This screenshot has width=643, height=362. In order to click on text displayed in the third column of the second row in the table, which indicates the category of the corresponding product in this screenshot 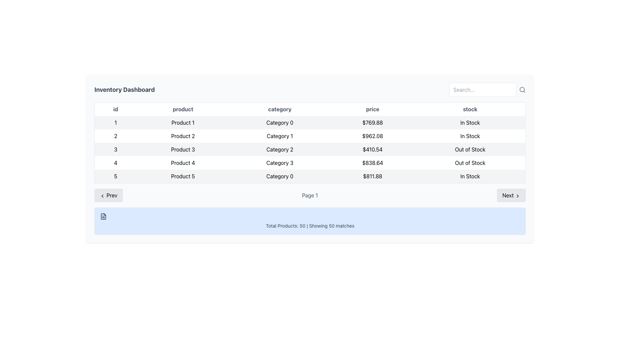, I will do `click(280, 136)`.